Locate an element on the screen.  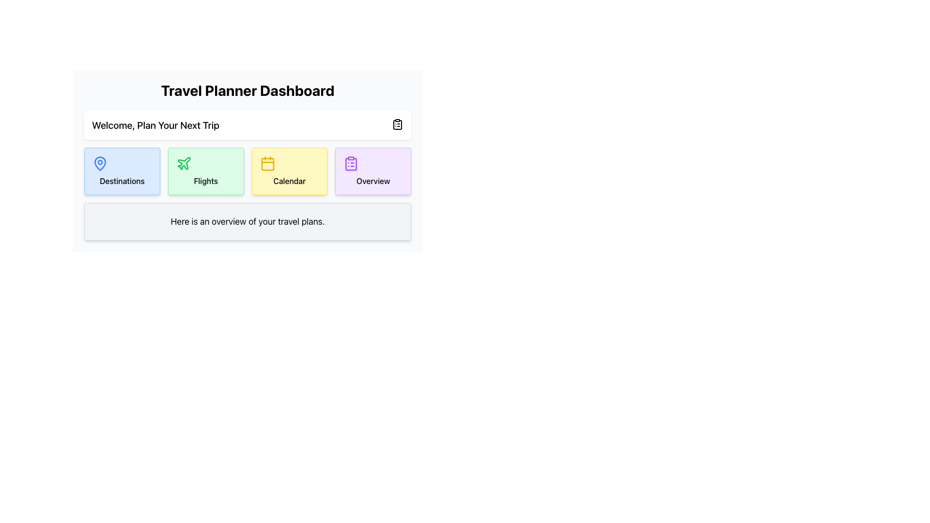
the clipboard icon in the top-right corner of the header panel, next to the 'Welcome, Plan Your Next Trip' text is located at coordinates (397, 124).